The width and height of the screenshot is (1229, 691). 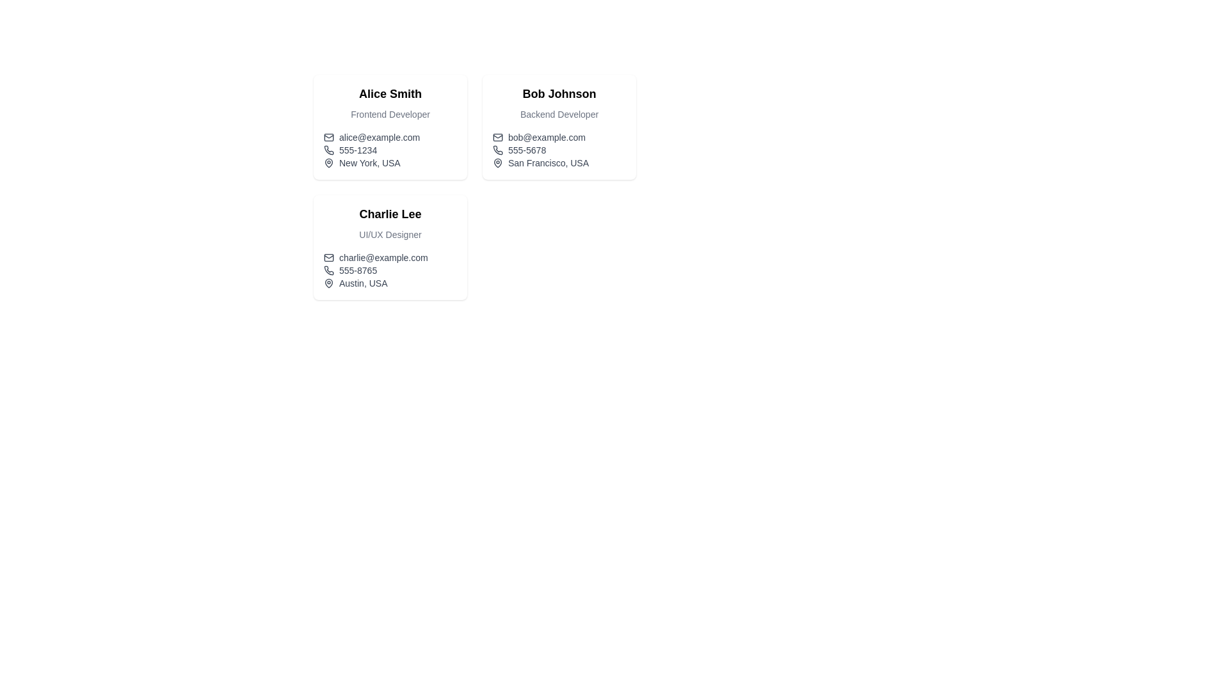 I want to click on the map location pin icon adjacent to the contact information for 'Bob Johnson', so click(x=497, y=162).